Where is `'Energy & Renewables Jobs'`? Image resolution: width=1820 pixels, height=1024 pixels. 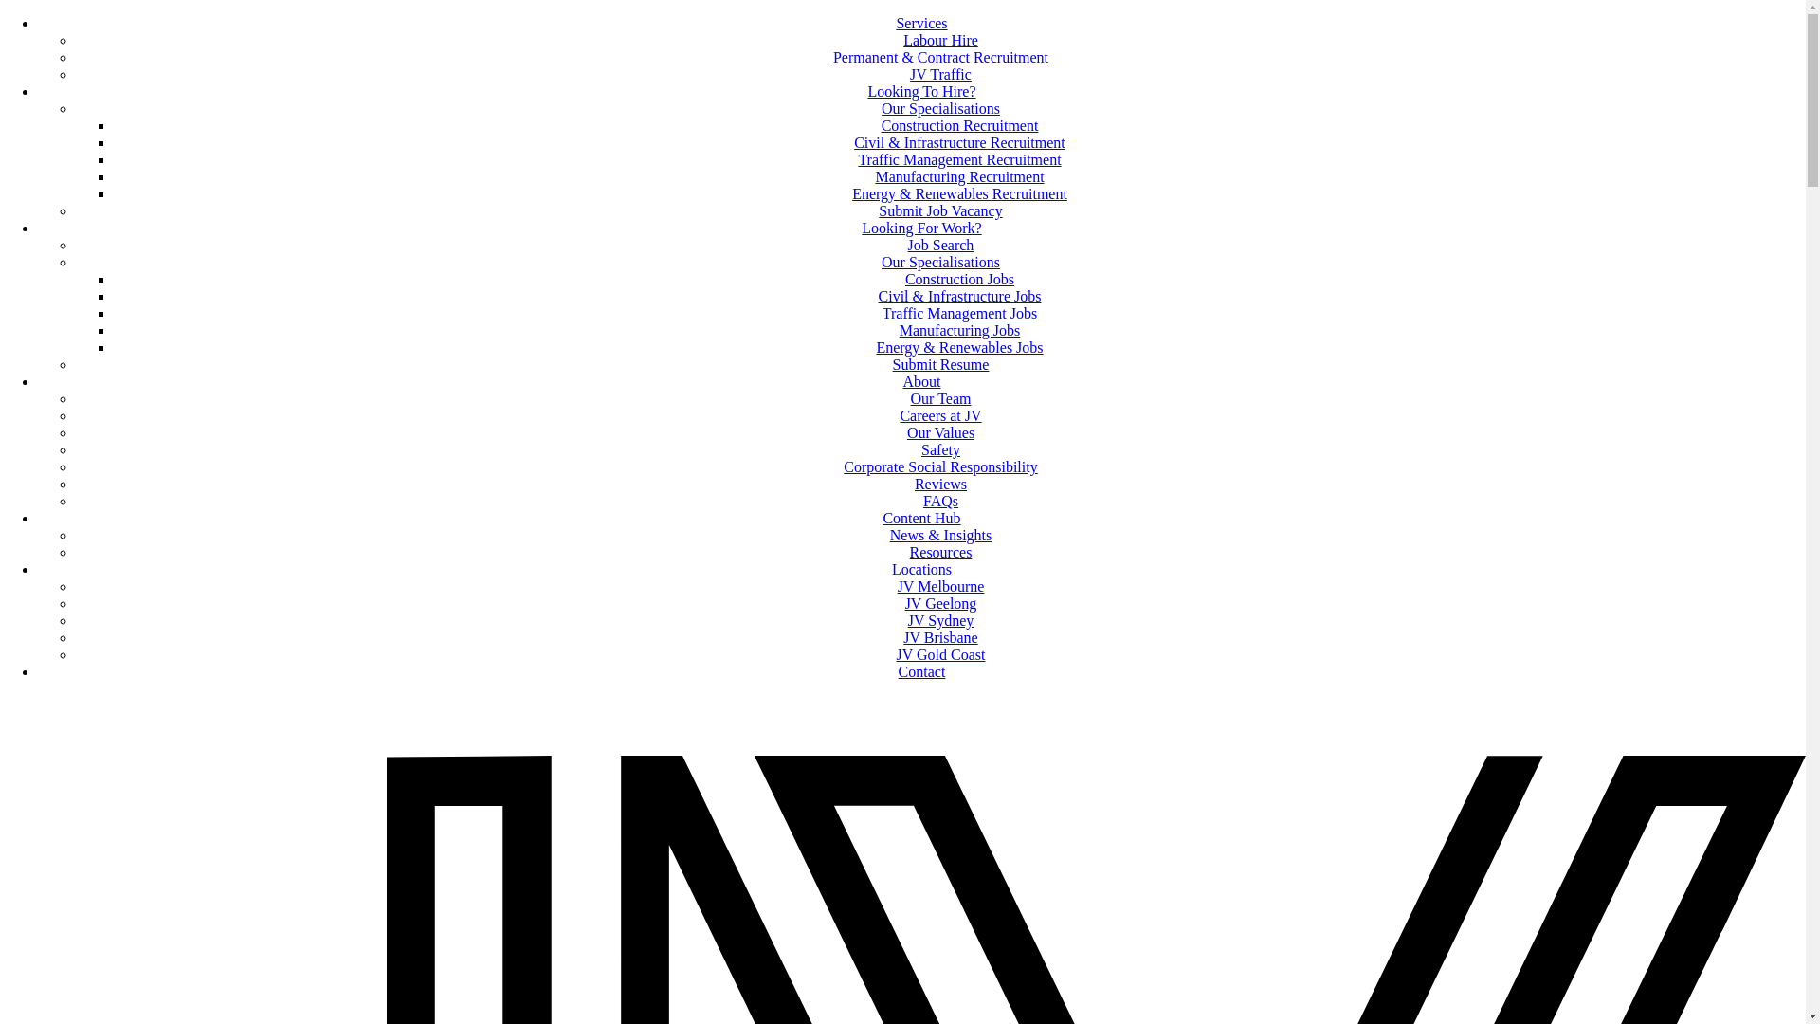 'Energy & Renewables Jobs' is located at coordinates (875, 347).